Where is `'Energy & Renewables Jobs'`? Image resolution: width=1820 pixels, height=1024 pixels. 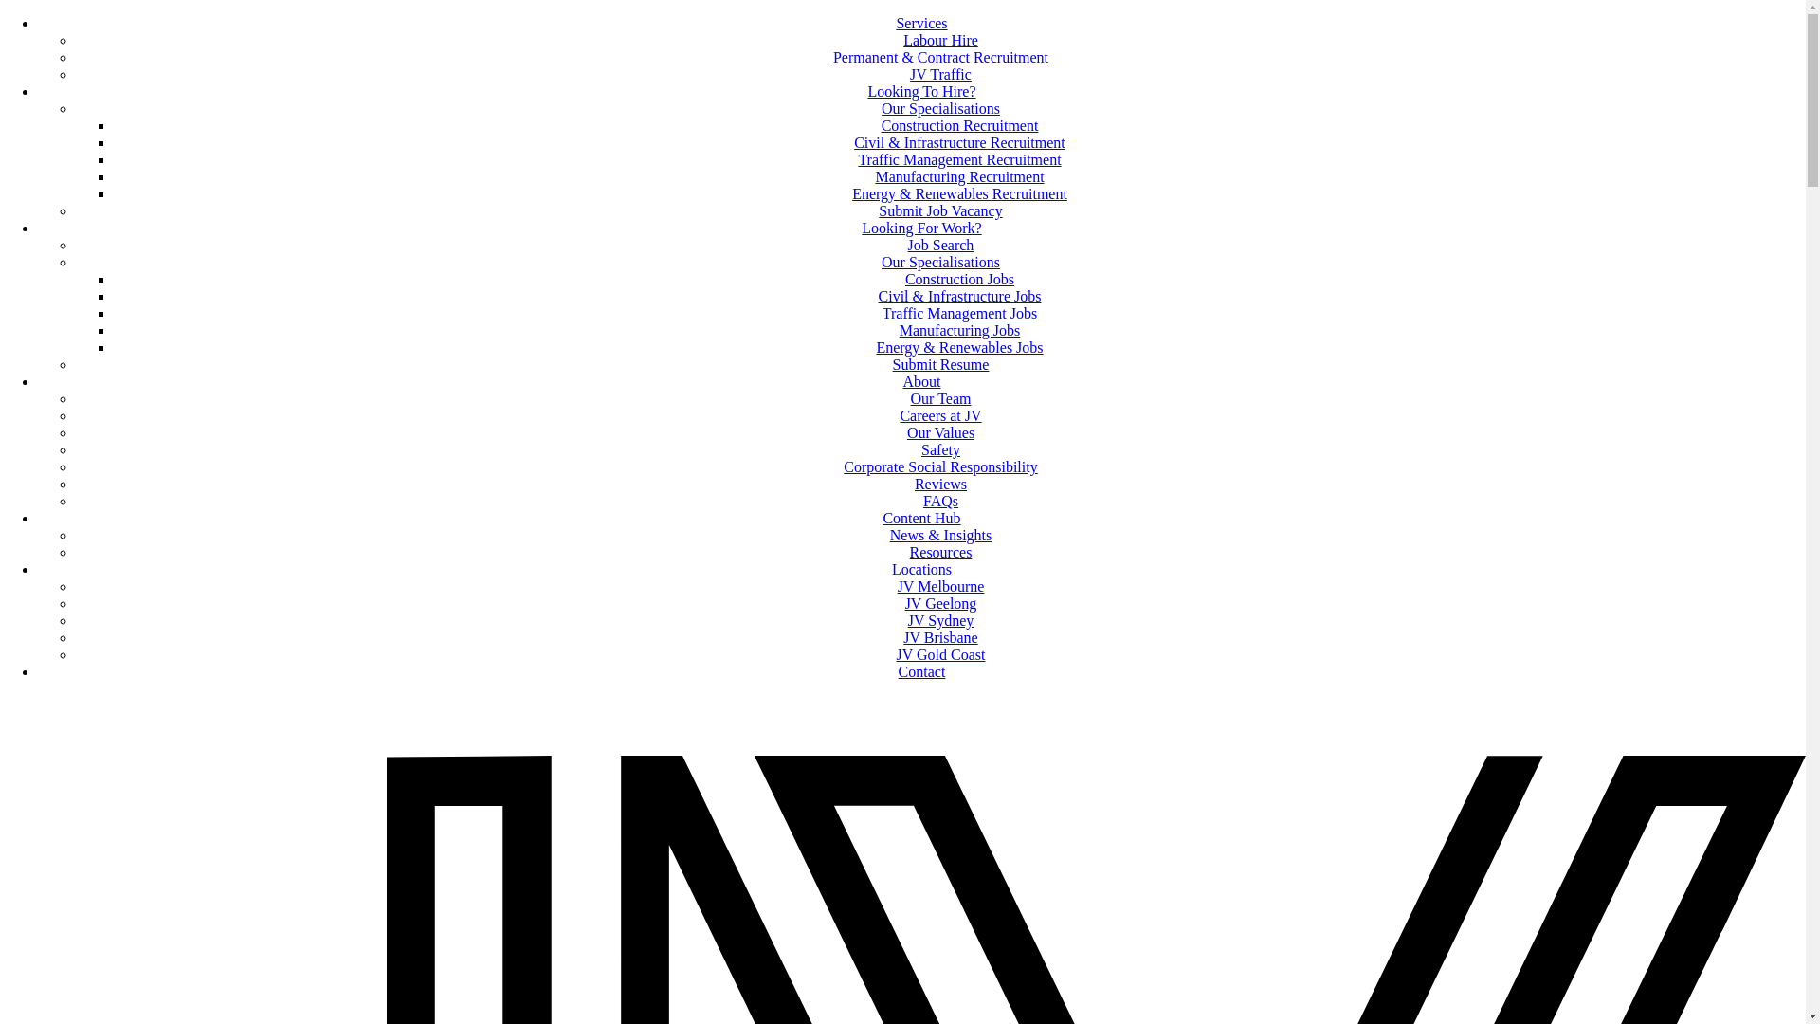 'Energy & Renewables Jobs' is located at coordinates (875, 347).